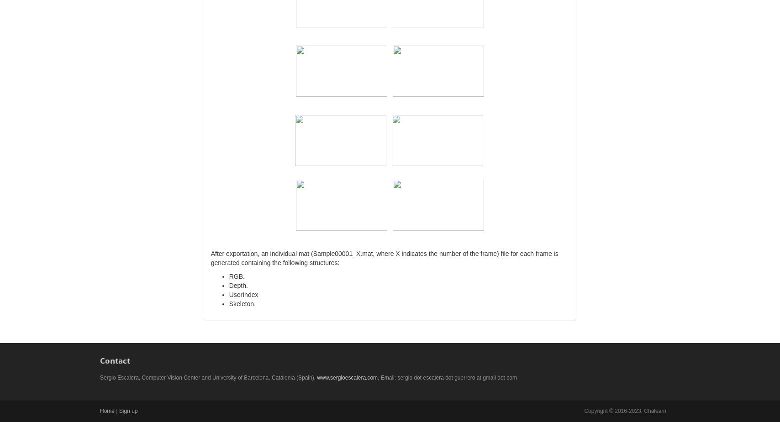 The image size is (780, 422). Describe the element at coordinates (378, 377) in the screenshot. I see `', Email: sergio dot escalera dot guerrero at gmail dot com'` at that location.